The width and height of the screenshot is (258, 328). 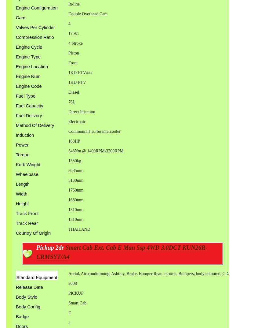 I want to click on 'Engine Code', so click(x=28, y=86).